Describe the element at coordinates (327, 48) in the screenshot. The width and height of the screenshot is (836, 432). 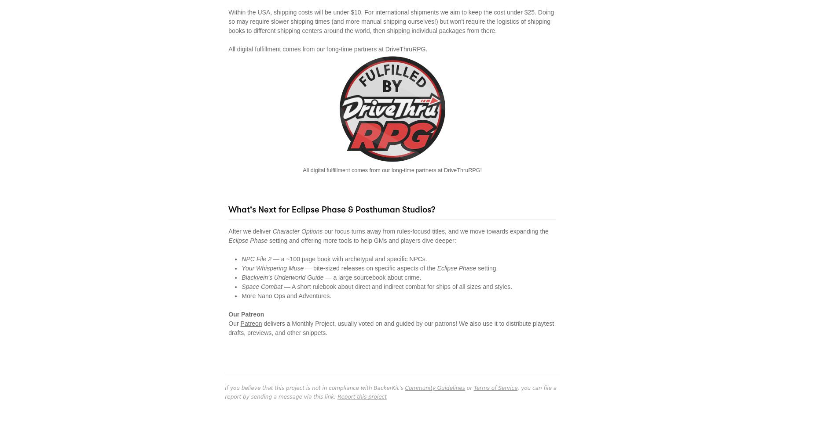
I see `'All digital fulfillment comes from our long-time partners at DriveThruRPG.'` at that location.